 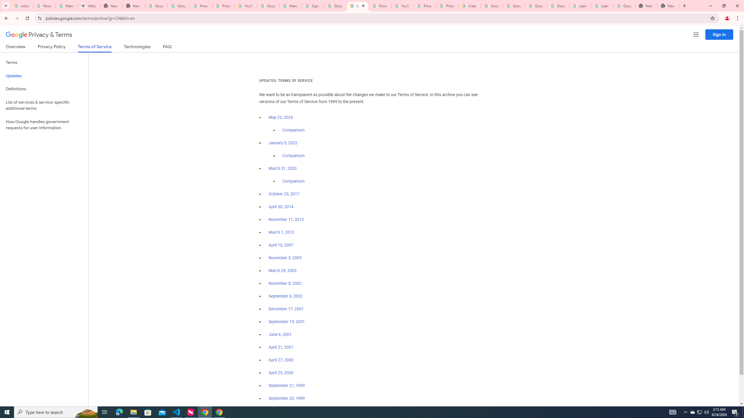 I want to click on 'March 31, 2020', so click(x=282, y=169).